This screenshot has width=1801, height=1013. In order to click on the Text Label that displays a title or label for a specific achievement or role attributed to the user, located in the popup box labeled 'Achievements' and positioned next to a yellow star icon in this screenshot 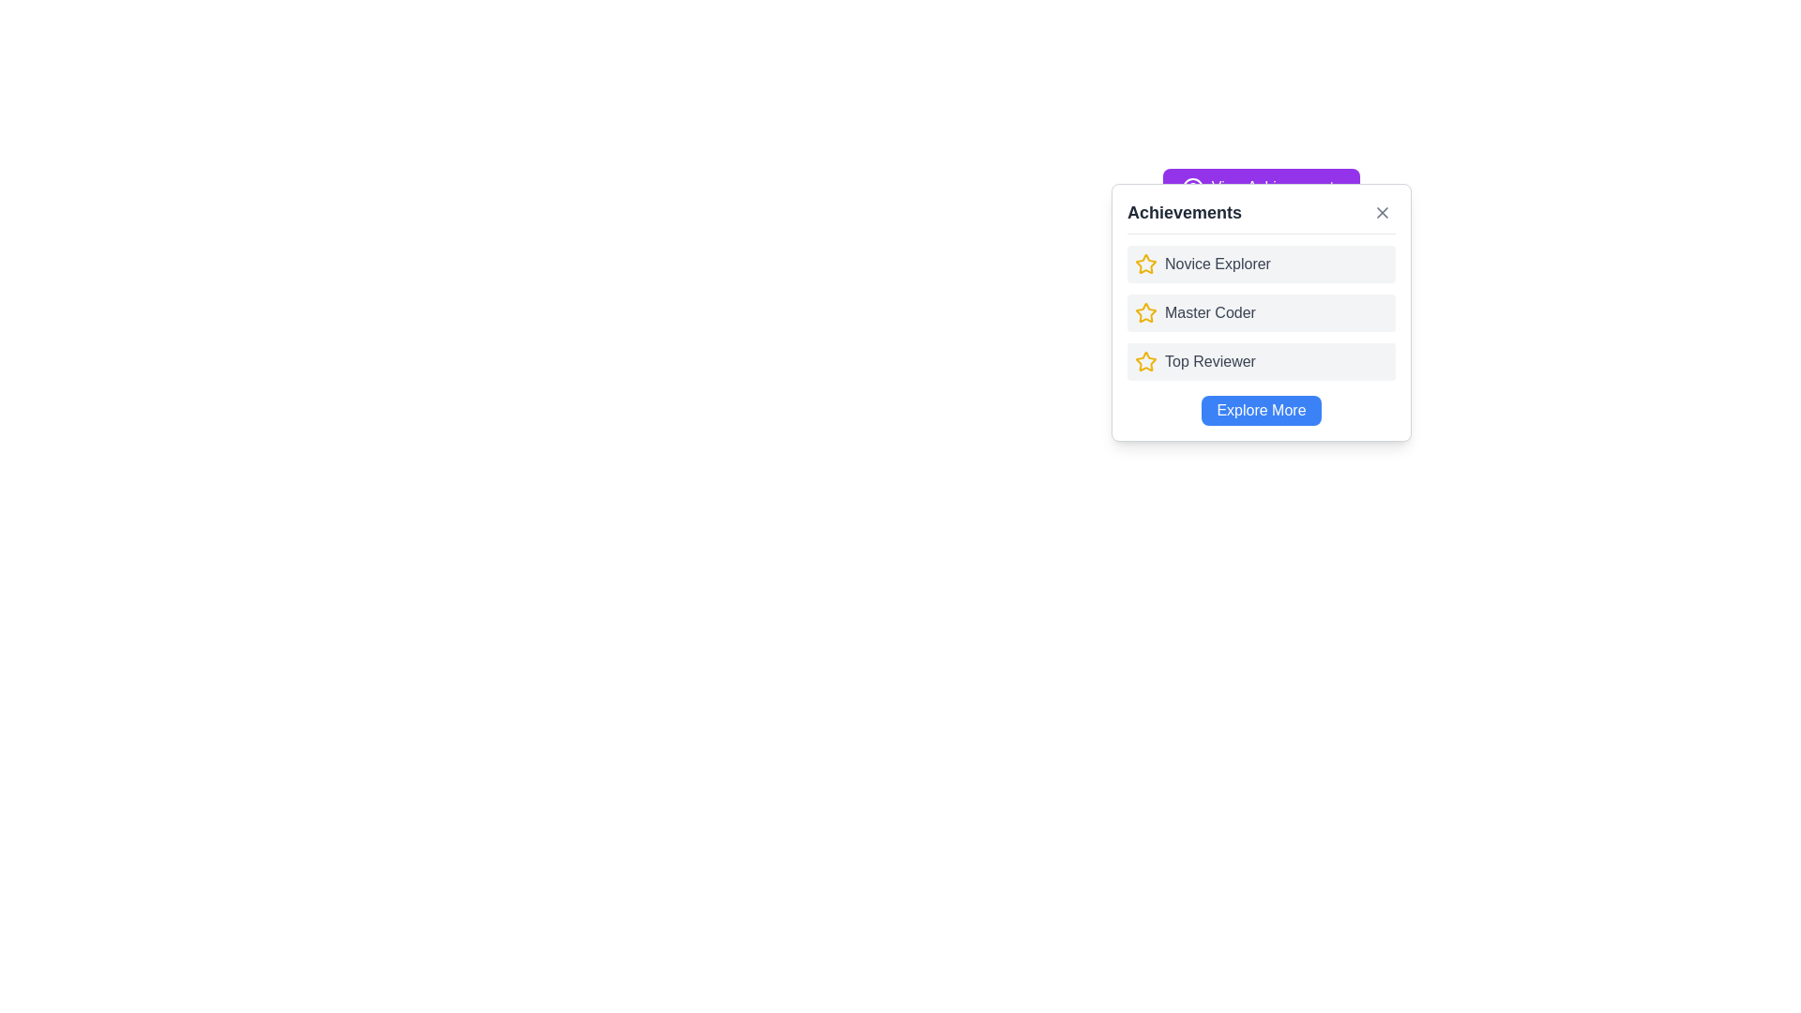, I will do `click(1210, 312)`.